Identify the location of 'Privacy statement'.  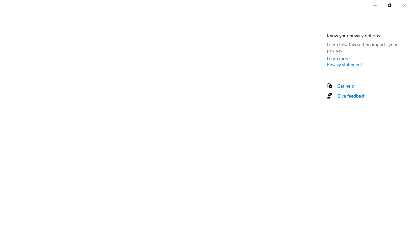
(344, 64).